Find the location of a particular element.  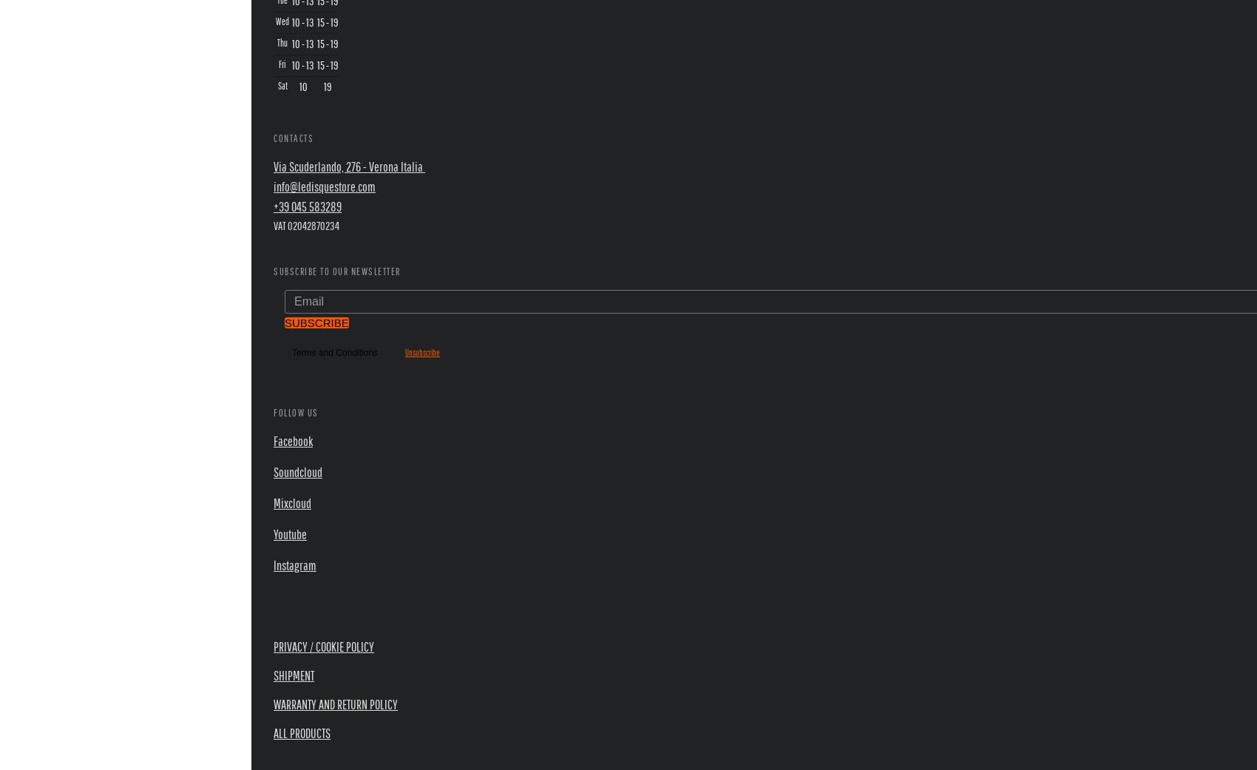

'Via Scuderlando, 276 - Verona Italia' is located at coordinates (272, 165).